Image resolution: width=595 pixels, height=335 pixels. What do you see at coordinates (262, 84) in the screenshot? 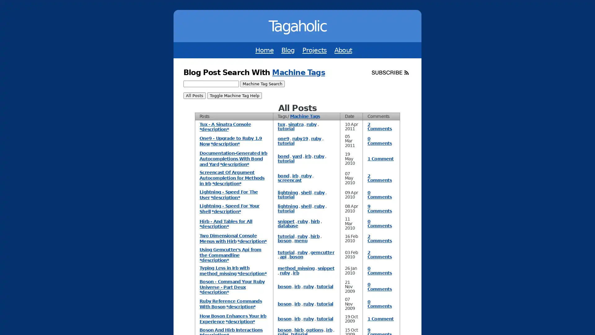
I see `Machine Tag Search` at bounding box center [262, 84].